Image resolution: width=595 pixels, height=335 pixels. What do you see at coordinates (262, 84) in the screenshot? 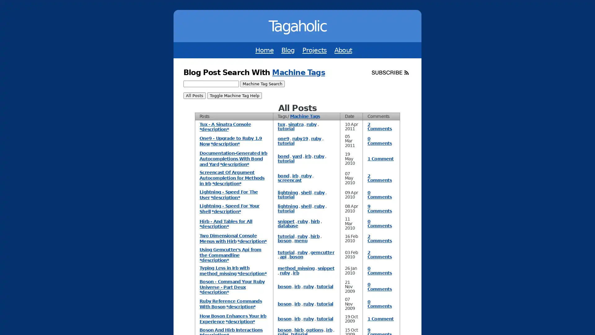
I see `Machine Tag Search` at bounding box center [262, 84].